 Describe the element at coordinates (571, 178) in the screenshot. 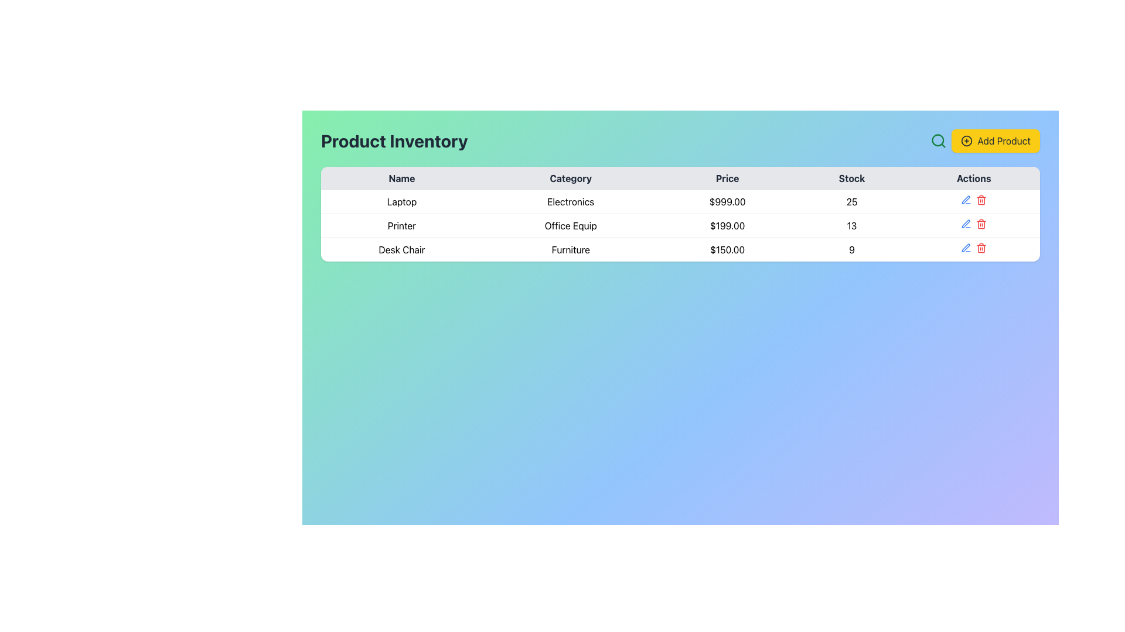

I see `the 'Category' text label in the table header` at that location.